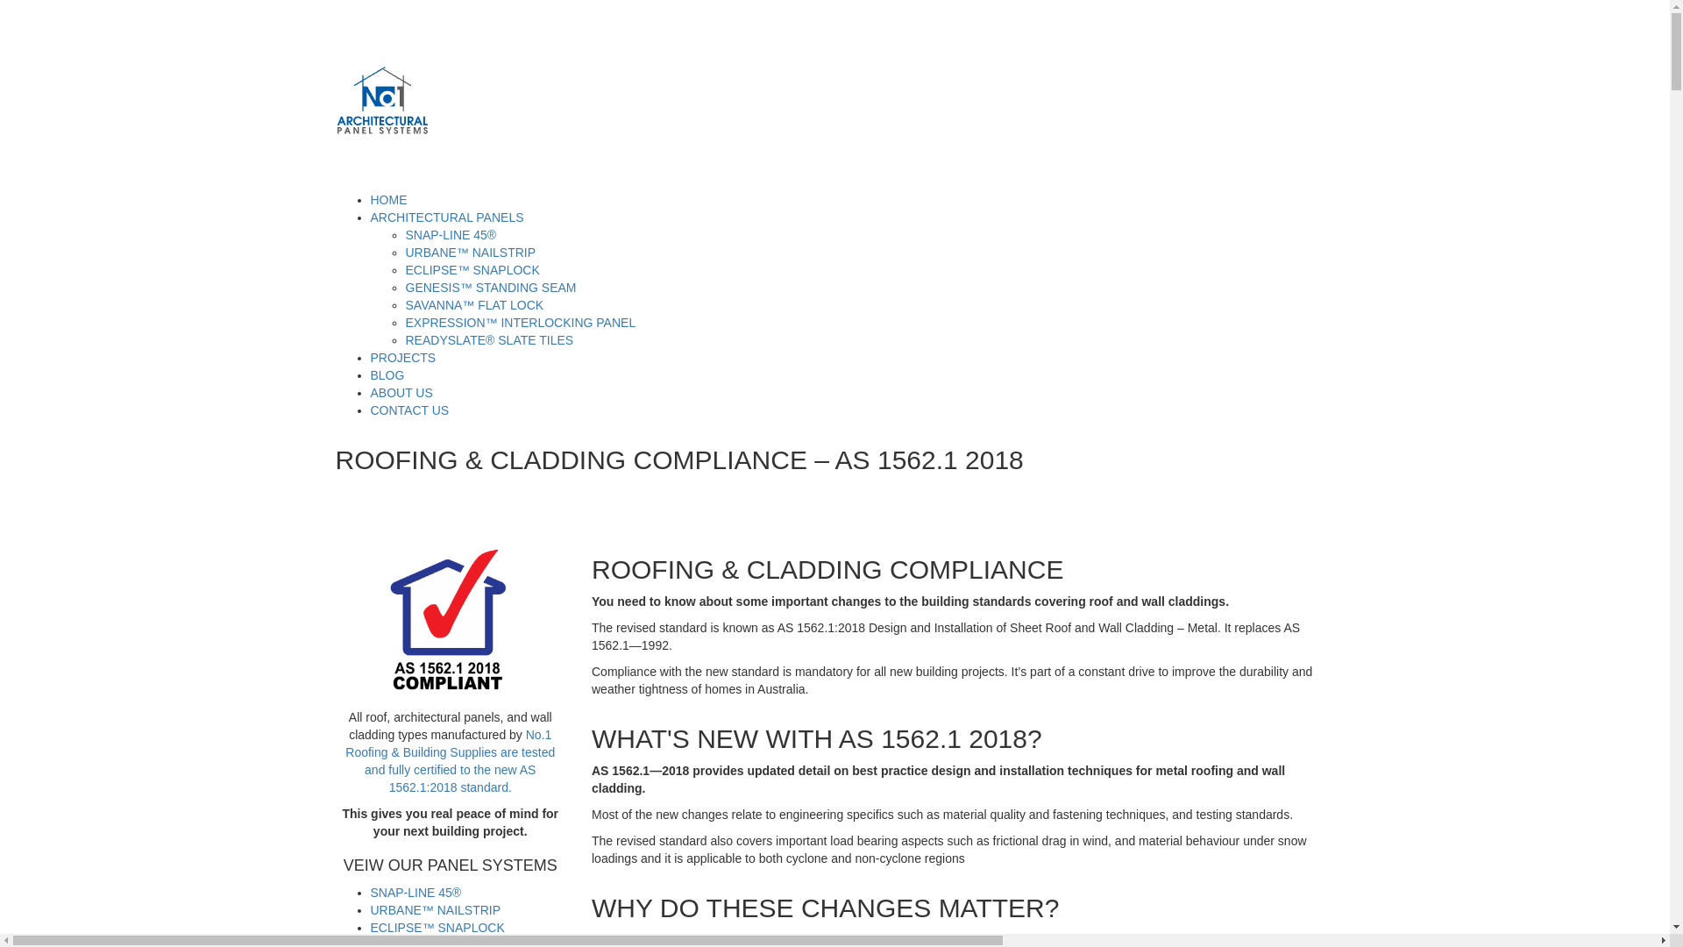  Describe the element at coordinates (387, 198) in the screenshot. I see `'HOME'` at that location.